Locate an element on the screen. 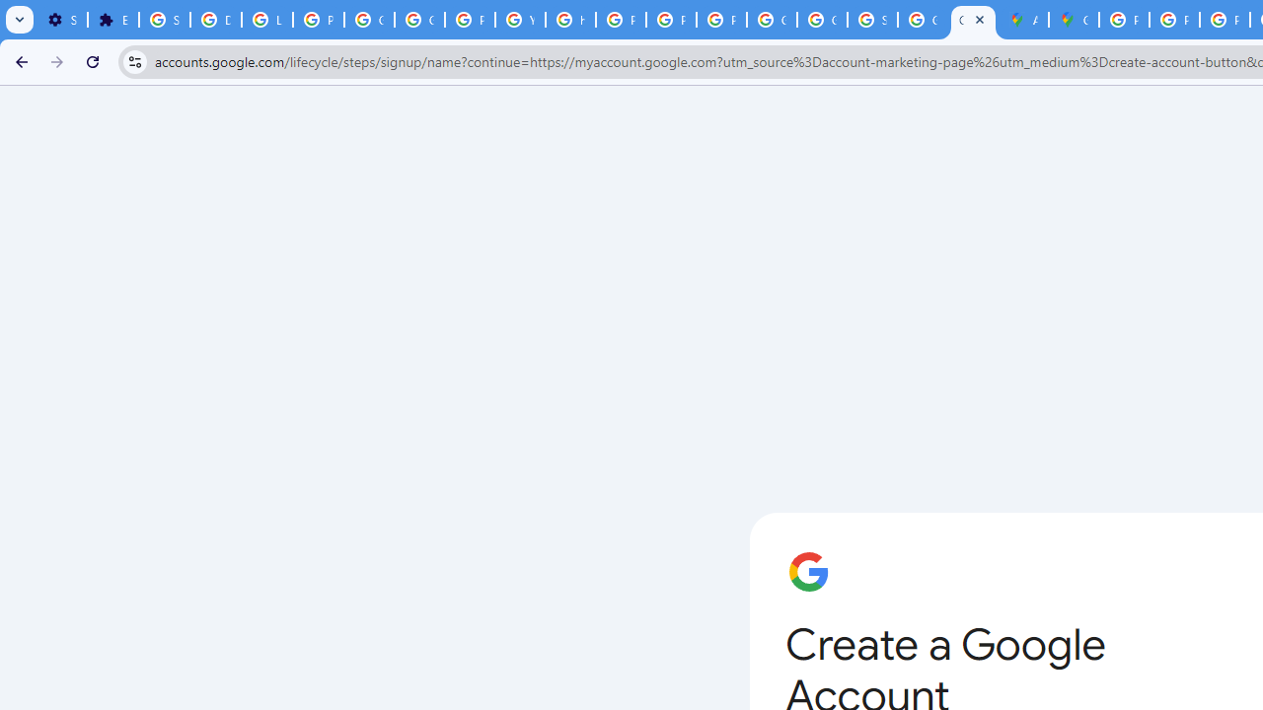 The width and height of the screenshot is (1263, 710). 'YouTube' is located at coordinates (520, 20).